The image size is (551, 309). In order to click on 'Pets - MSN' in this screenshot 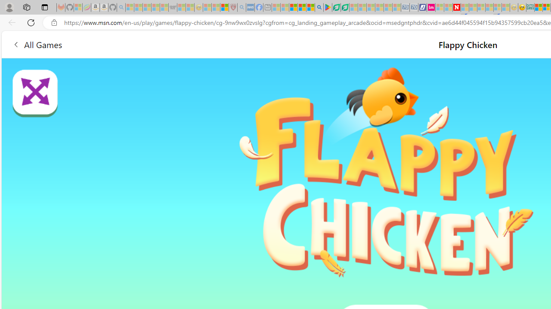, I will do `click(302, 7)`.